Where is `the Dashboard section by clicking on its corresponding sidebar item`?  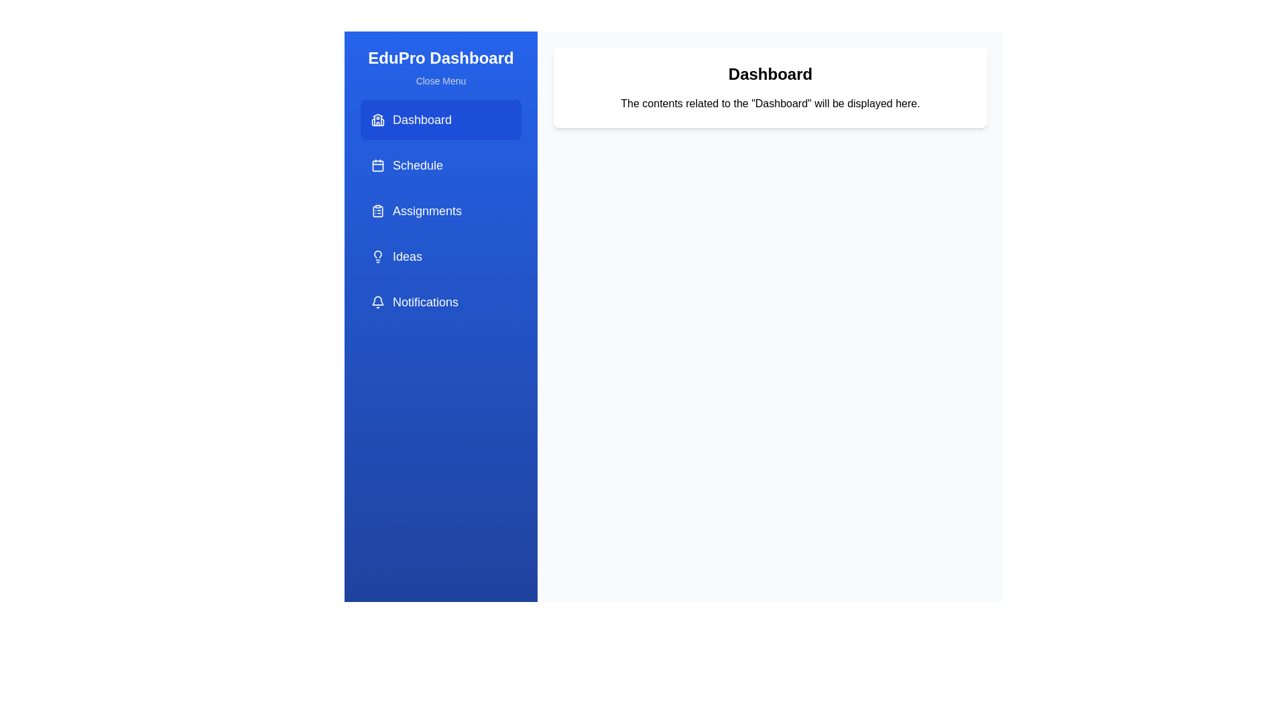
the Dashboard section by clicking on its corresponding sidebar item is located at coordinates (440, 119).